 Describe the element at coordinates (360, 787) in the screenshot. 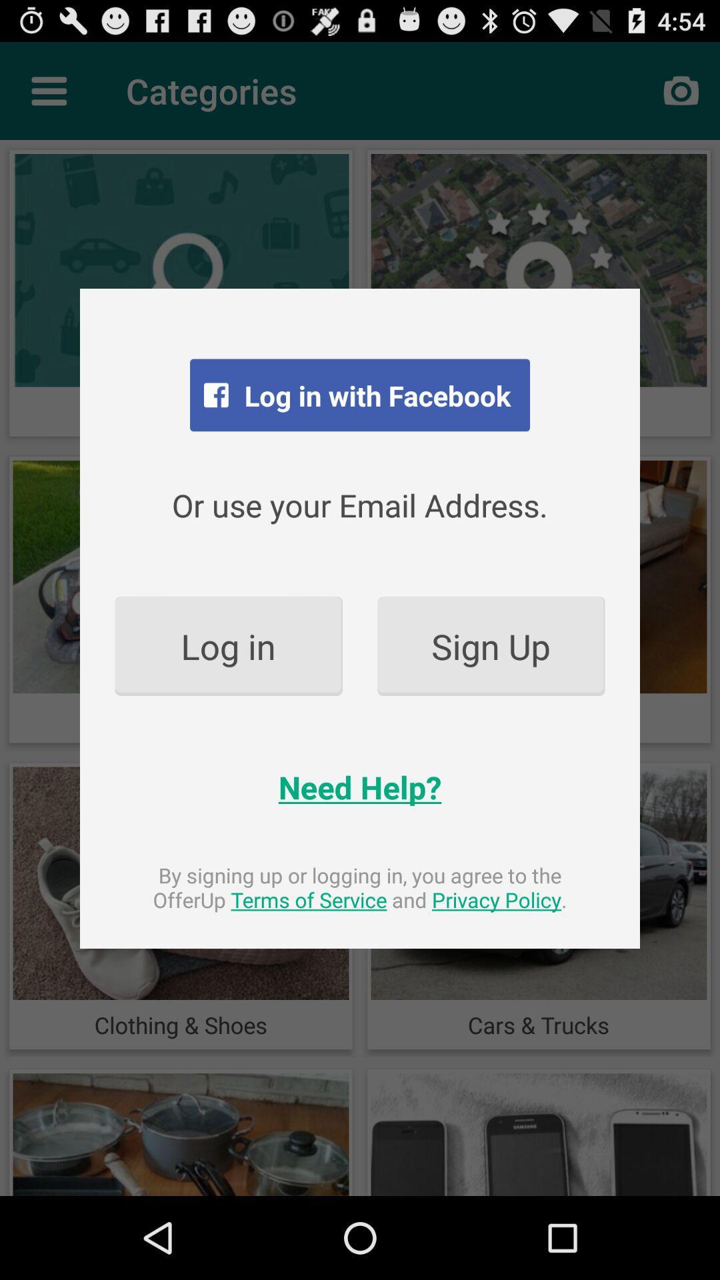

I see `item above the by signing up` at that location.